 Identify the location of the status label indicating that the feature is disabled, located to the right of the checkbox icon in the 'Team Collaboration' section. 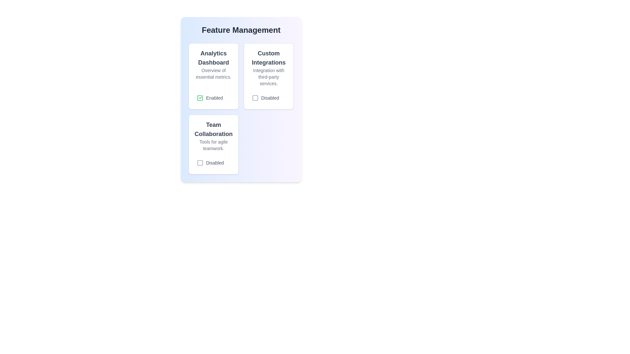
(215, 163).